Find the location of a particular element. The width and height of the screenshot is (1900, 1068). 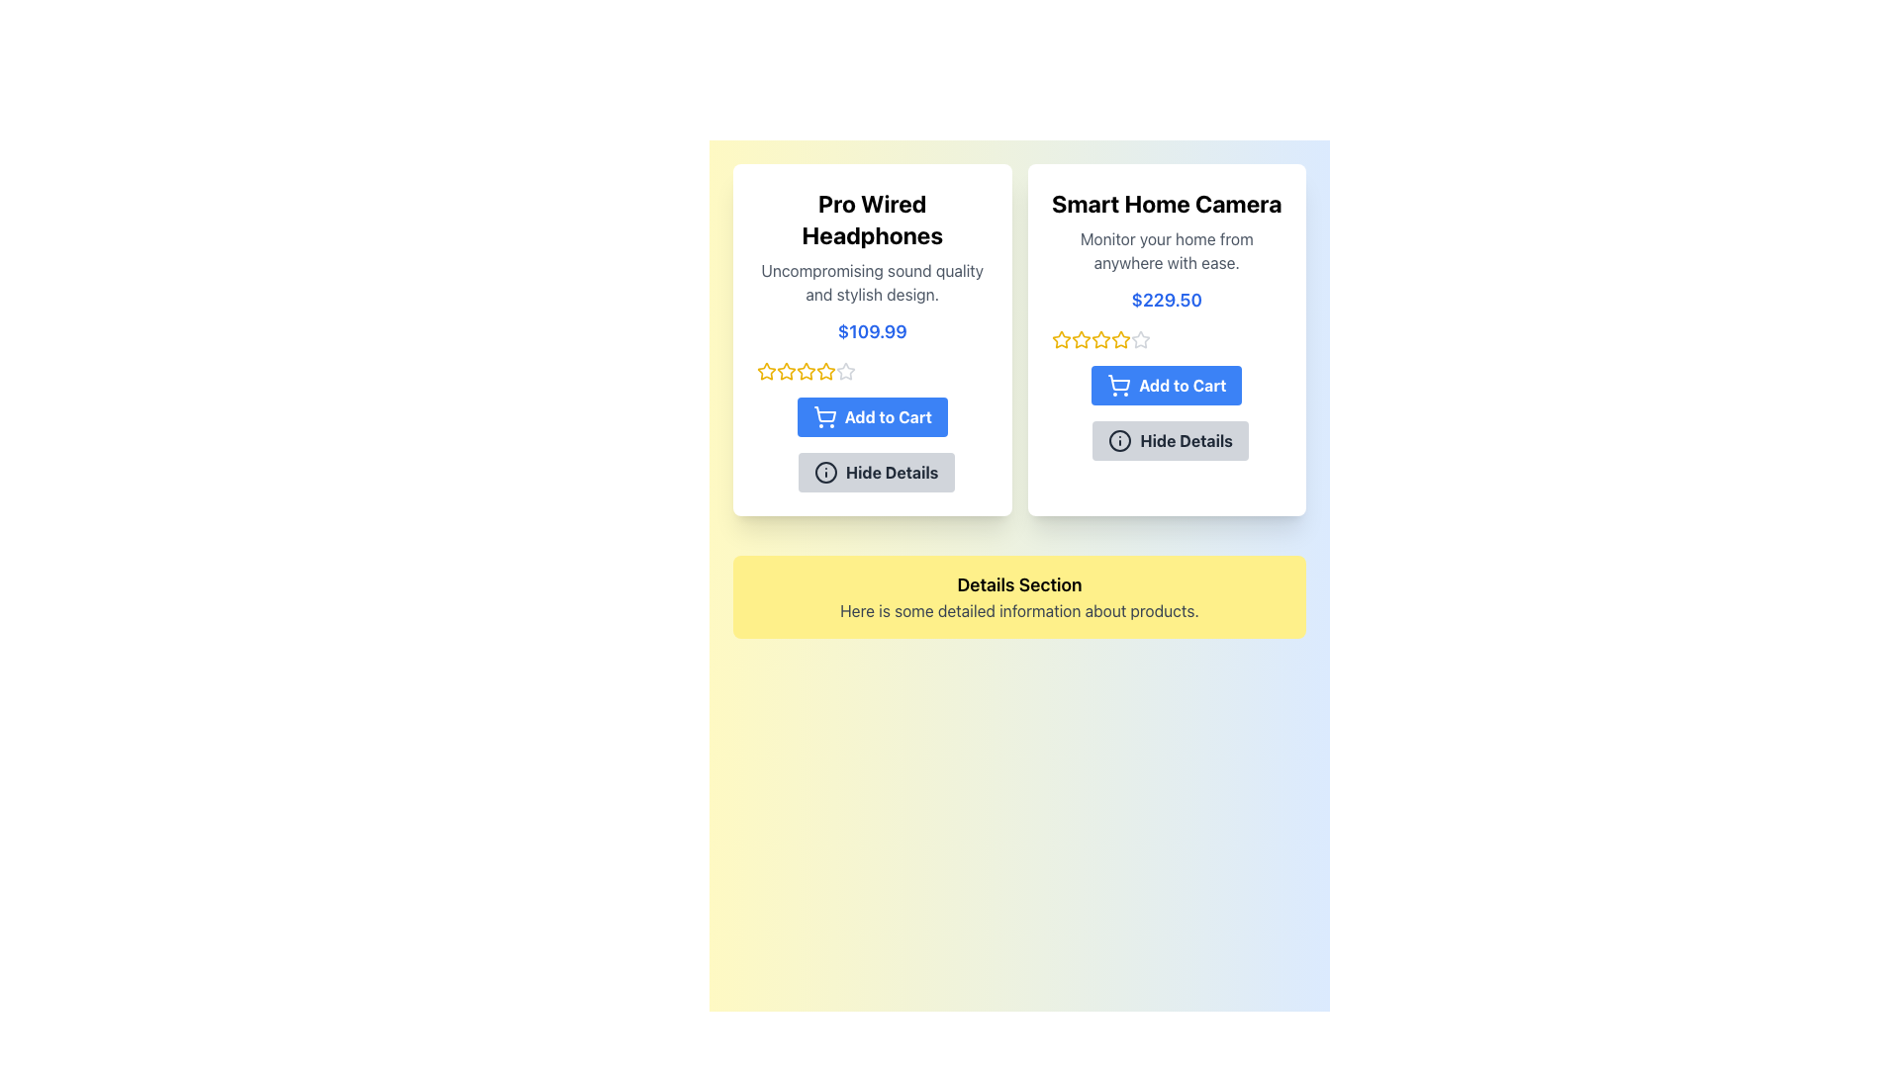

the collapse button within the product card for 'Pro Wired Headphones' to hide additional details is located at coordinates (875, 473).